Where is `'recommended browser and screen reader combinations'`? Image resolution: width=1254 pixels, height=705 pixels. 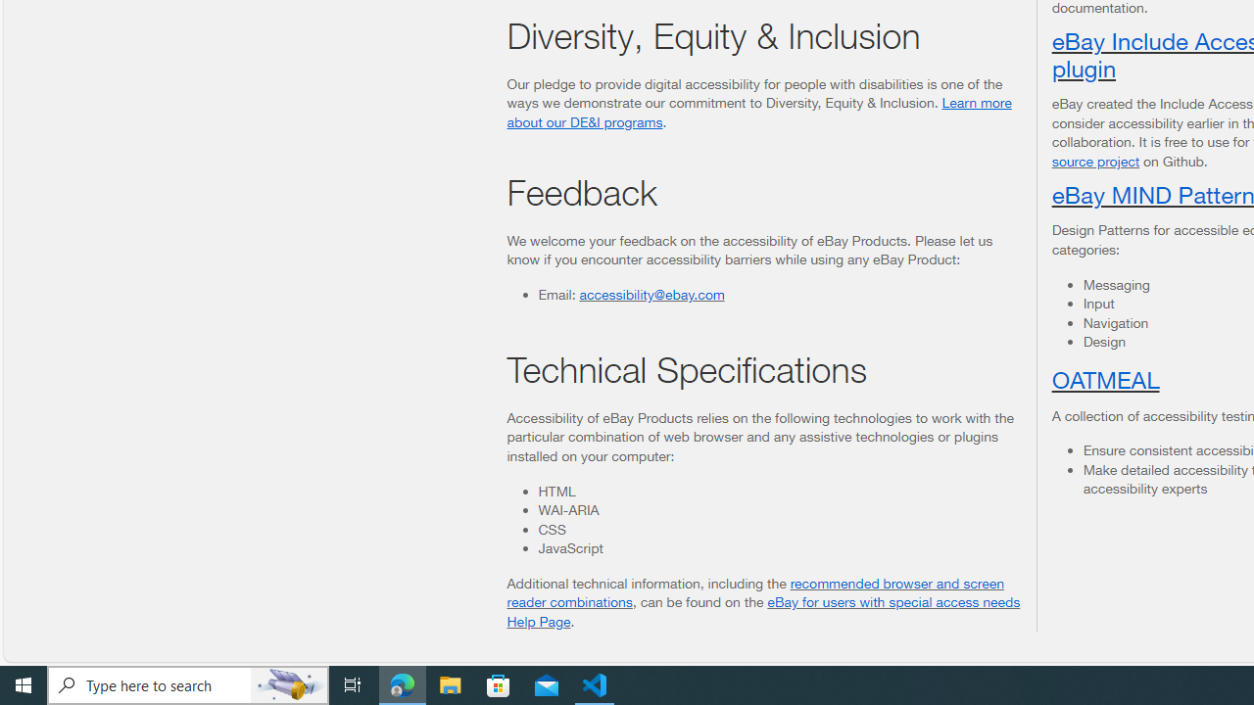
'recommended browser and screen reader combinations' is located at coordinates (754, 591).